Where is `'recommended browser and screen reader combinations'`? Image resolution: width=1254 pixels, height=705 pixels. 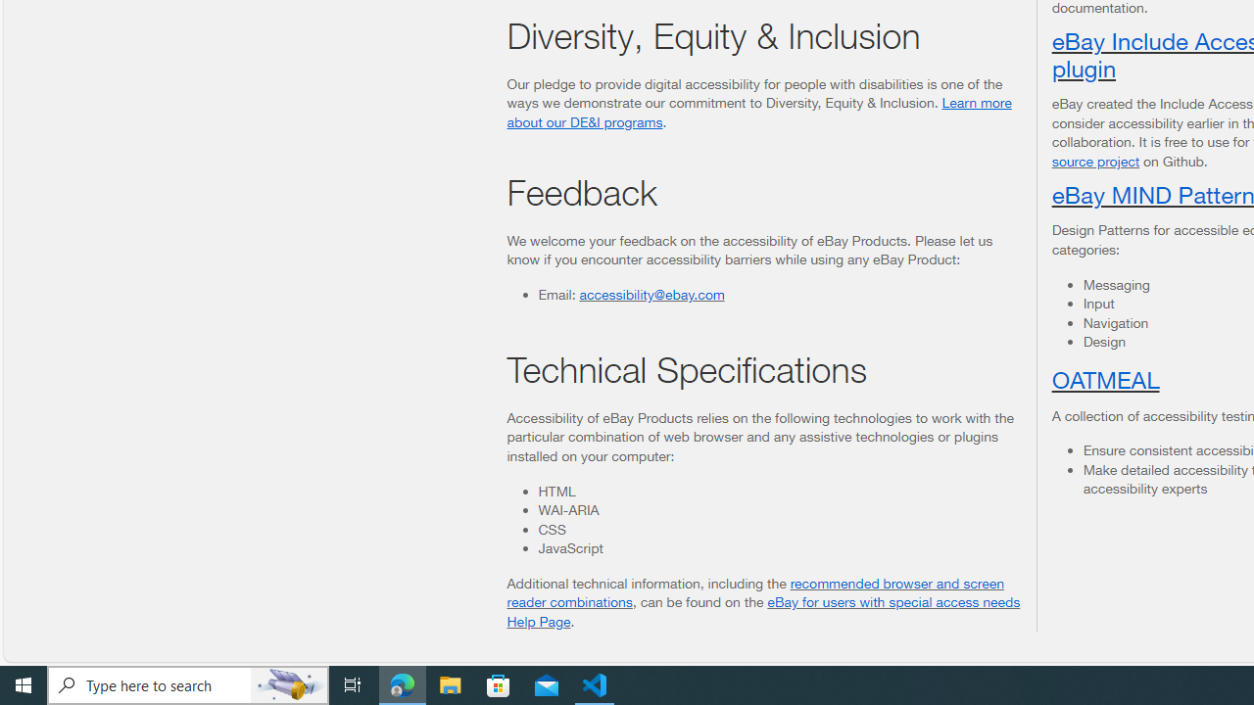
'recommended browser and screen reader combinations' is located at coordinates (754, 591).